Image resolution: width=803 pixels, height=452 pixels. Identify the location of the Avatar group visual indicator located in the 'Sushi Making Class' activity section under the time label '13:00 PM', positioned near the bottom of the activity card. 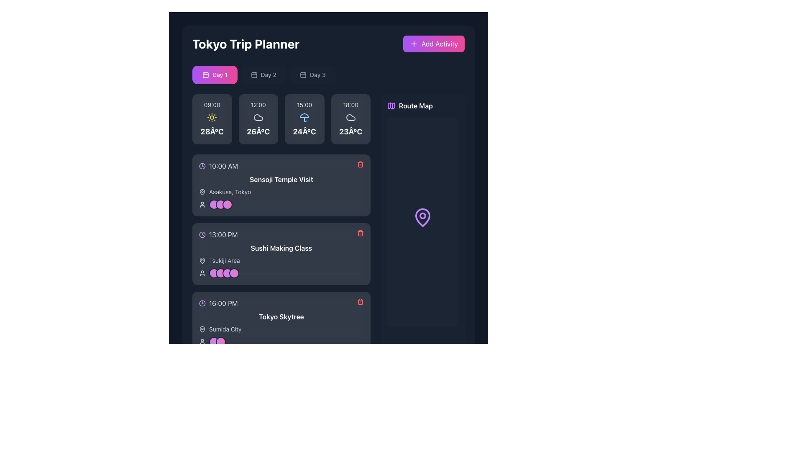
(224, 273).